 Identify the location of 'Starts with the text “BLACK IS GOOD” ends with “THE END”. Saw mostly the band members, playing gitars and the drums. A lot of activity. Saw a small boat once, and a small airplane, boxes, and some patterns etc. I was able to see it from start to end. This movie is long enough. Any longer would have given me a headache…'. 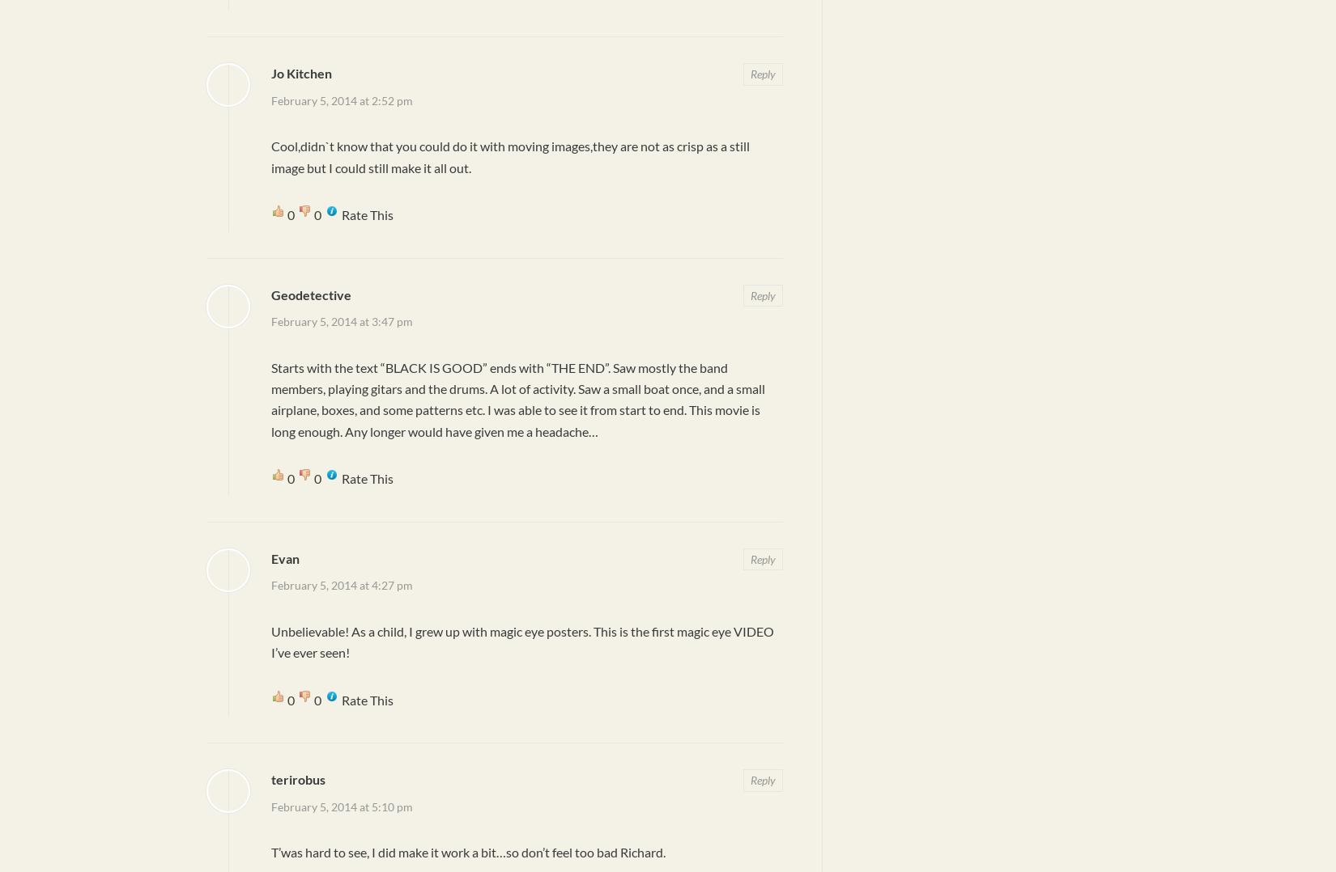
(517, 397).